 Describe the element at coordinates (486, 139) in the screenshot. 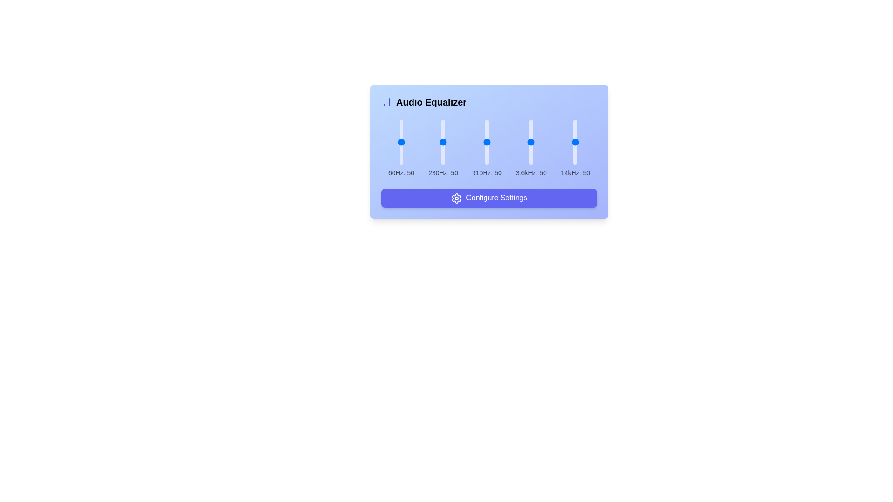

I see `the frequency level of 910Hz` at that location.